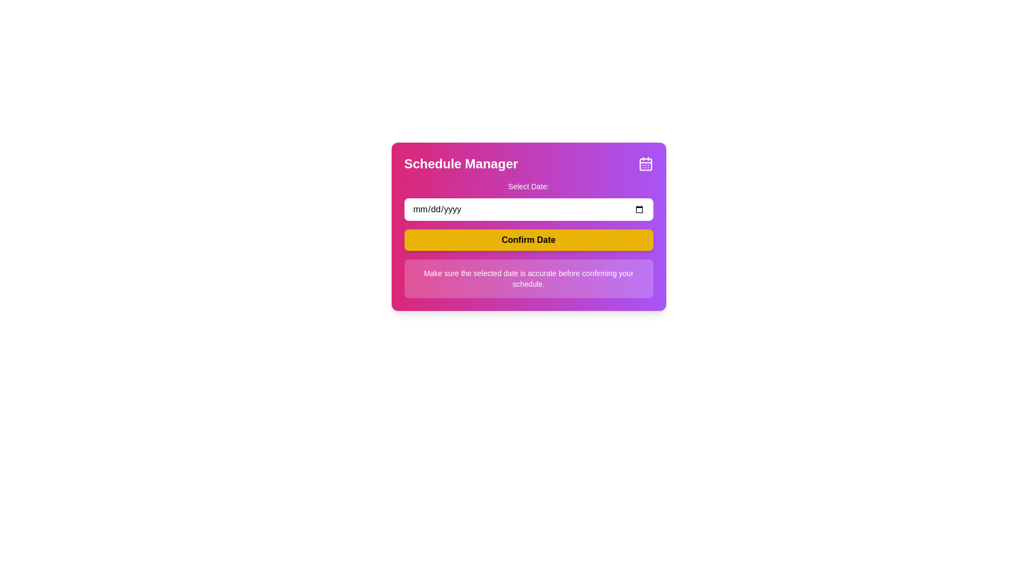 This screenshot has height=579, width=1030. I want to click on the label that provides instructions for the date input field, located in the 'Schedule Manager' section, so click(528, 185).